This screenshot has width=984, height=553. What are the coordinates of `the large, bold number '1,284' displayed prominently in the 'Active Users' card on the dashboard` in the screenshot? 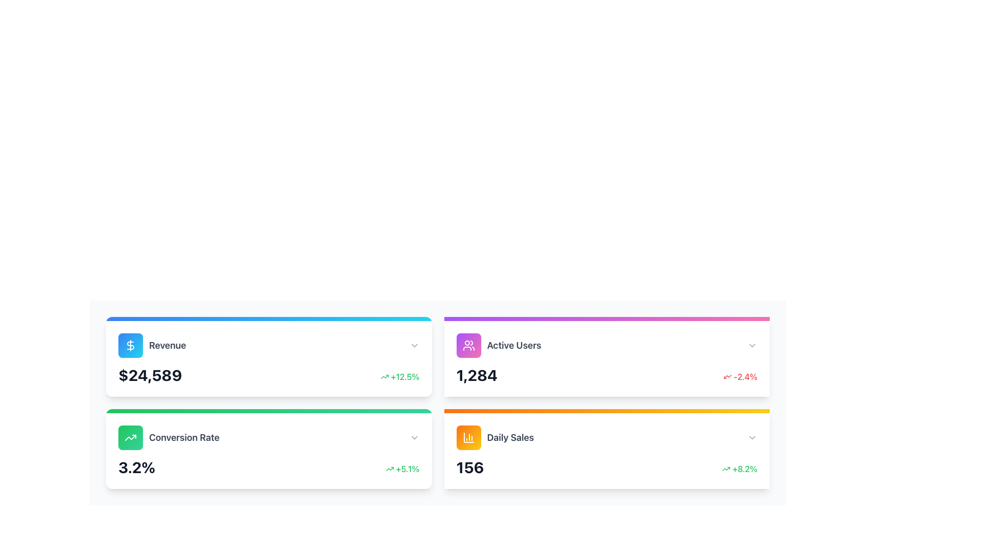 It's located at (476, 375).